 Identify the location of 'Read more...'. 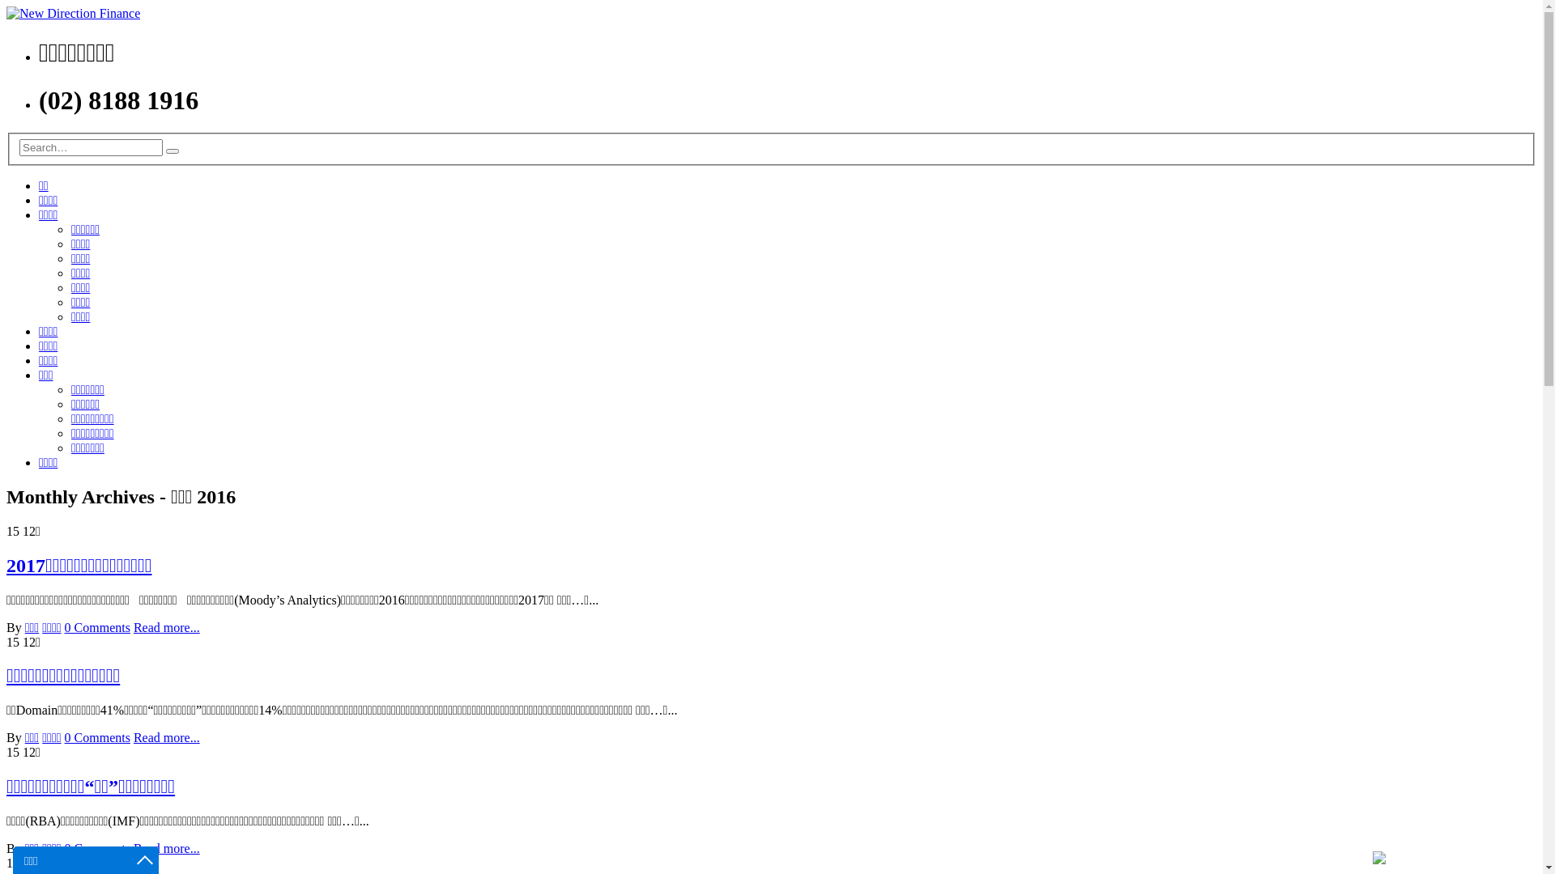
(167, 626).